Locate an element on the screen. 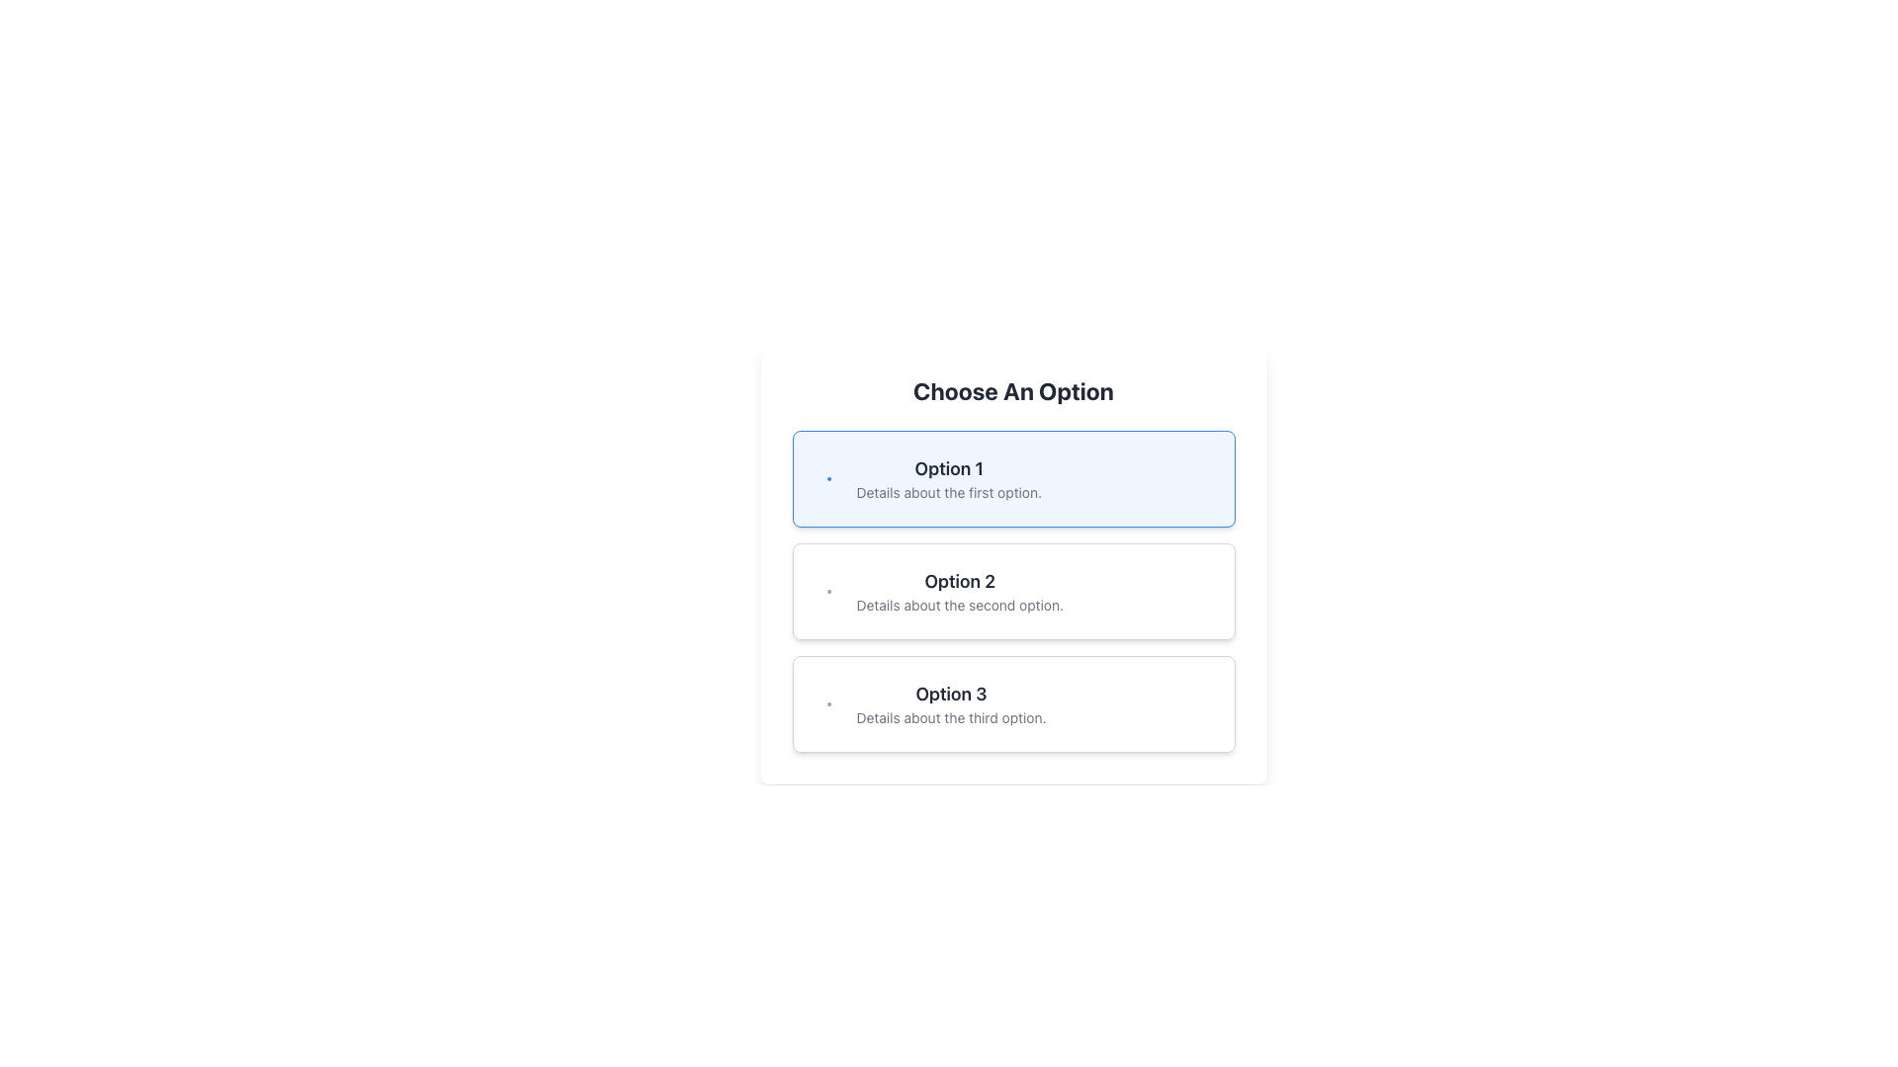  the static text element that provides additional information about 'Option 3', located under the title 'Option 3' in the third option block is located at coordinates (951, 717).